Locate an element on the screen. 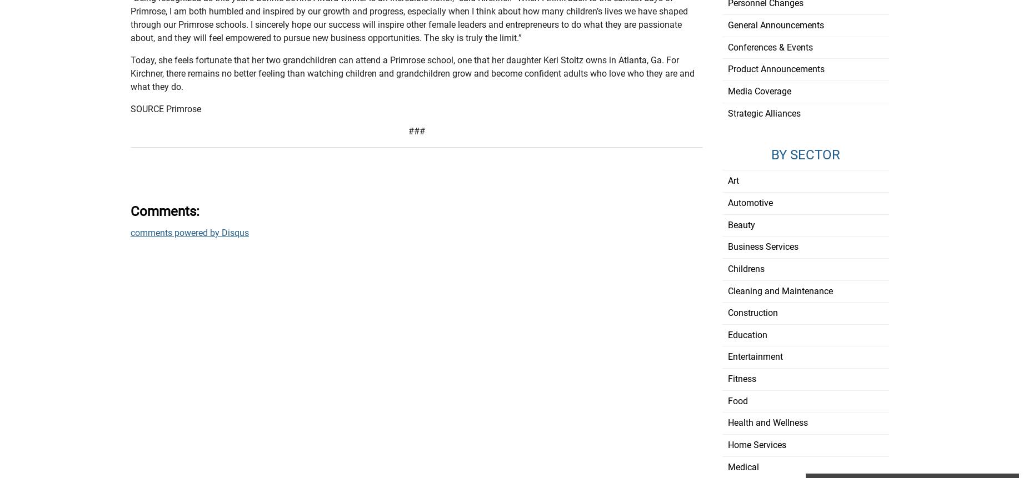  'Today, she feels fortunate that her two grandchildren can attend a Primrose school, one that her daughter Keri Stoltz owns in Atlanta, Ga. For Kirchner, there remains no better feeling than watching children and grandchildren grow and become confident adults who love who they are and what they do.' is located at coordinates (412, 73).